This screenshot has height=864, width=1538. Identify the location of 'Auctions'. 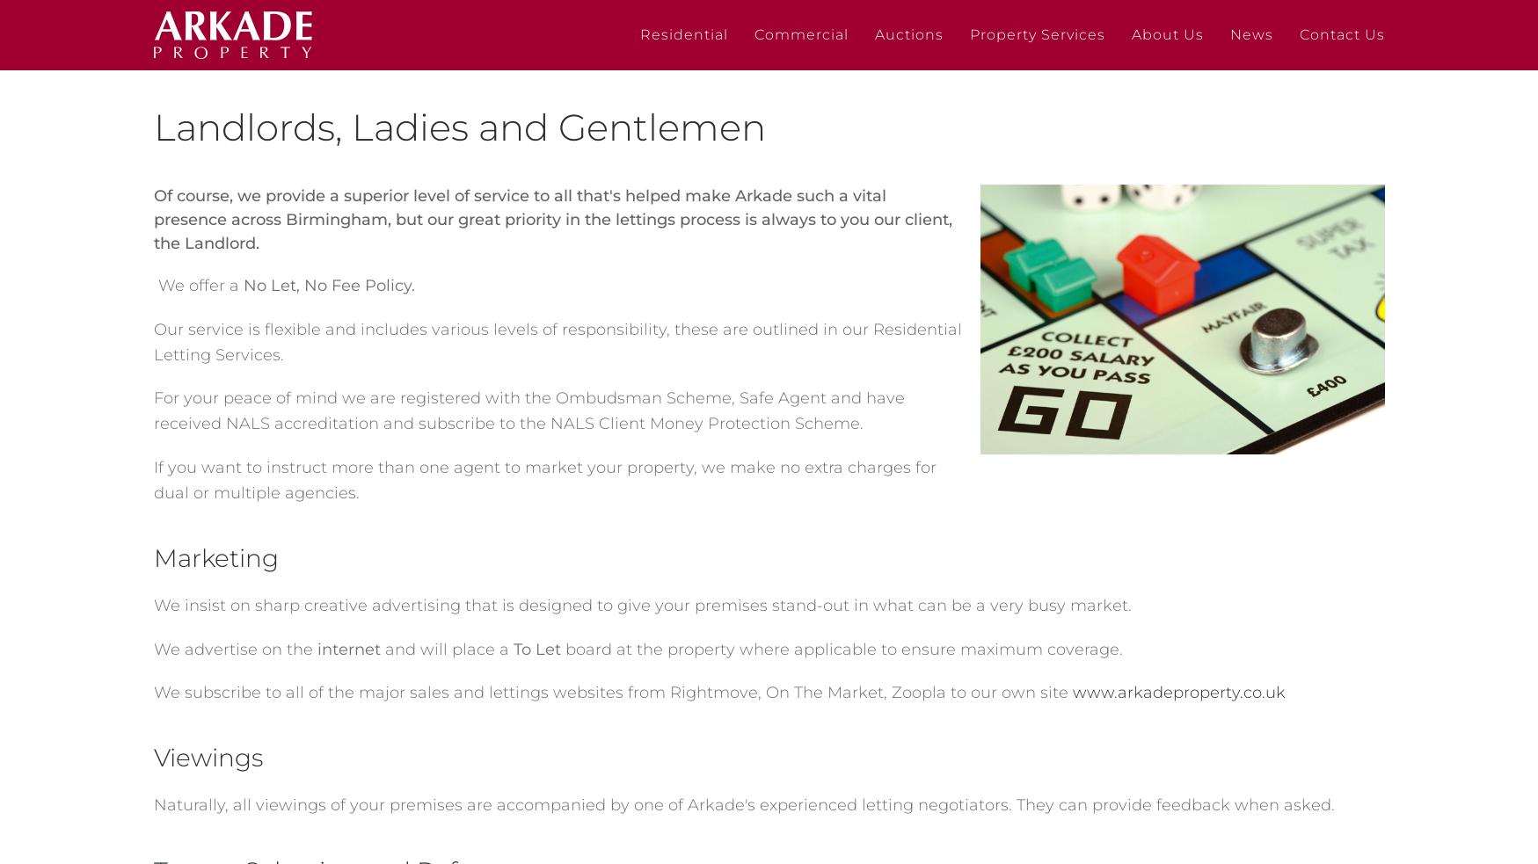
(907, 33).